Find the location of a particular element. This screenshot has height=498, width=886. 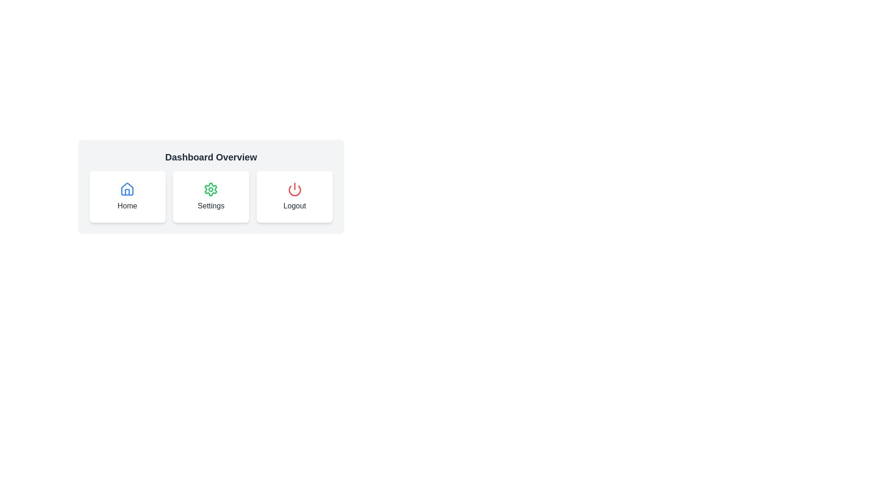

the 'Settings' label which is centrally positioned within a white card, aligned under a green gear icon is located at coordinates (210, 206).